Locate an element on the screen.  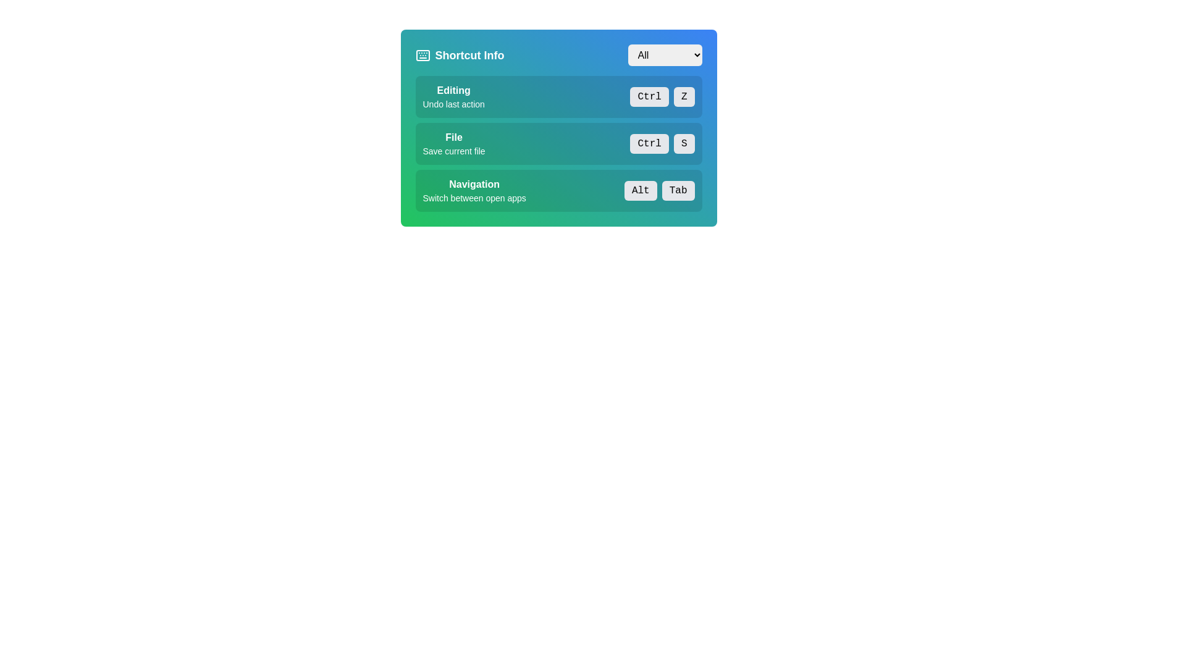
the Keyboard Shortcut Indicator which consists of the buttons labeled 'Ctrl' and 'Z', styled with a gray background and rounded corners, located to the right of 'Undo last action' and below the title 'Editing' is located at coordinates (662, 96).